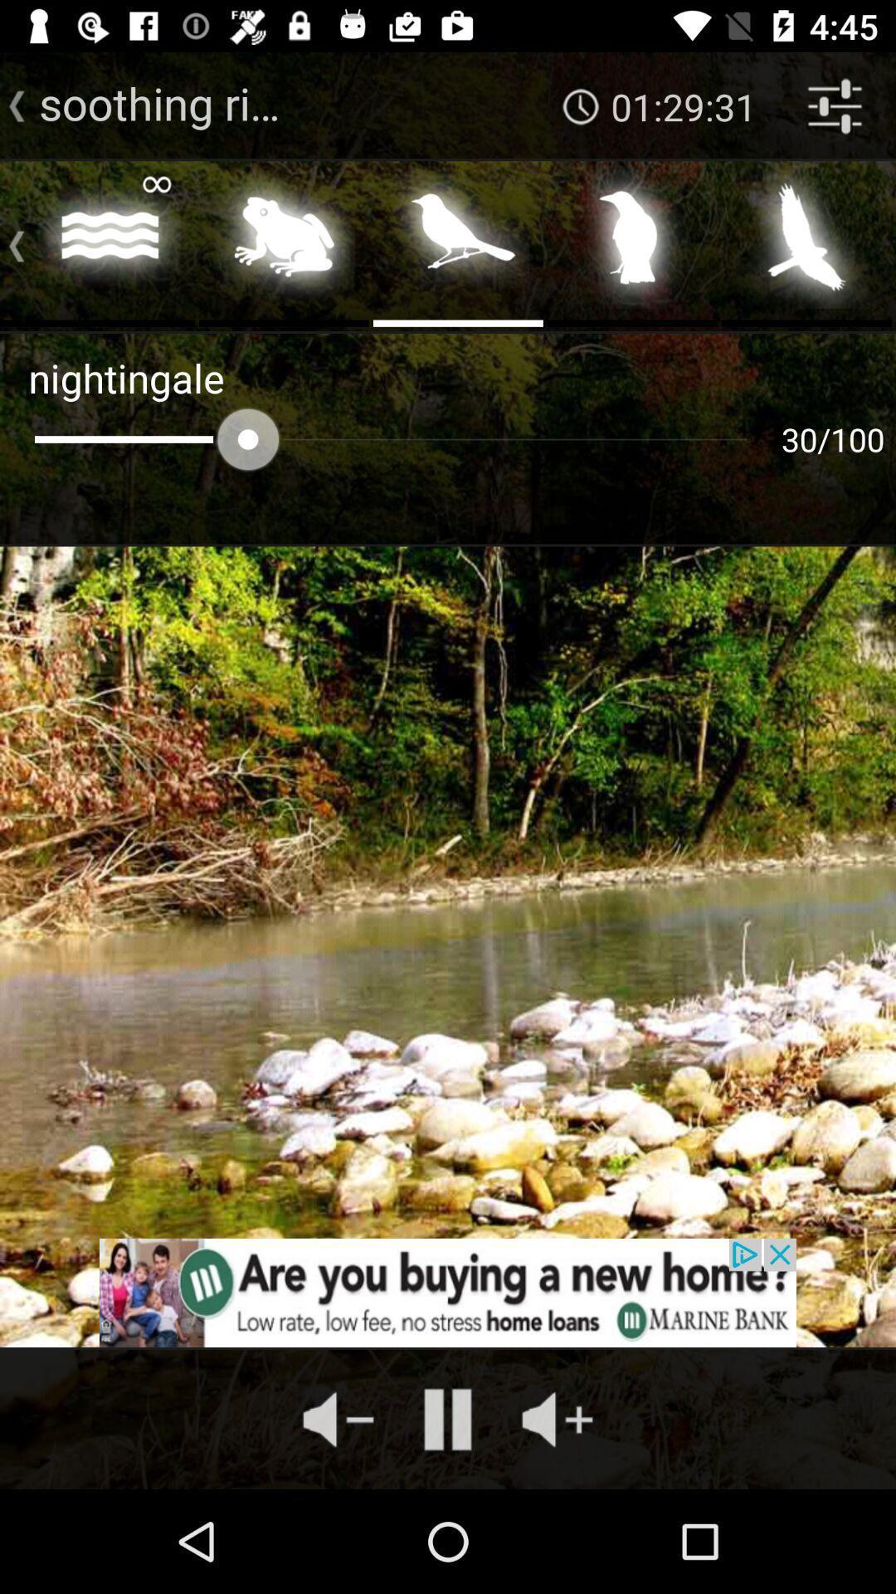  Describe the element at coordinates (10, 242) in the screenshot. I see `more options` at that location.